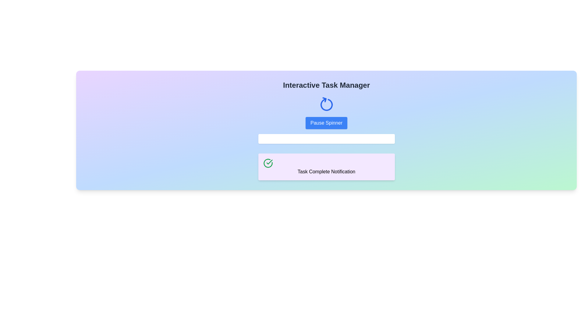  I want to click on the small vertical line segment of the blue stroke within the spinning circular arrow symbol, located near the top center of the interface, above the 'Pause Spinner' button, so click(324, 110).